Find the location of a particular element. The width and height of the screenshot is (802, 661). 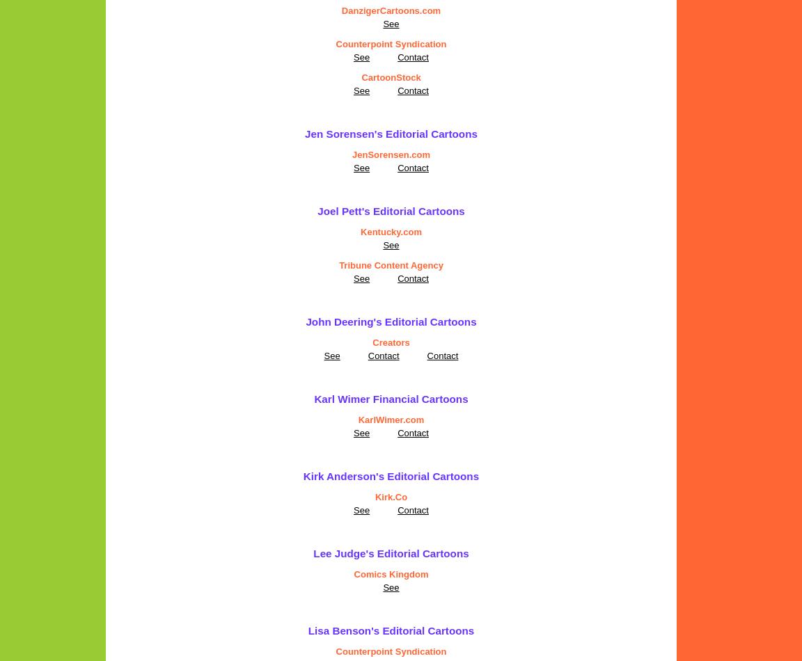

'Kirk.Co' is located at coordinates (391, 496).